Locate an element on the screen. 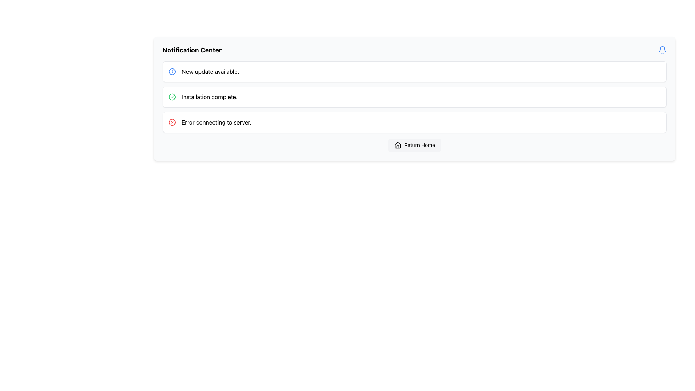 Image resolution: width=695 pixels, height=391 pixels. error message presented in the third list item of the Notification Center, which indicates a connection issue is located at coordinates (216, 122).